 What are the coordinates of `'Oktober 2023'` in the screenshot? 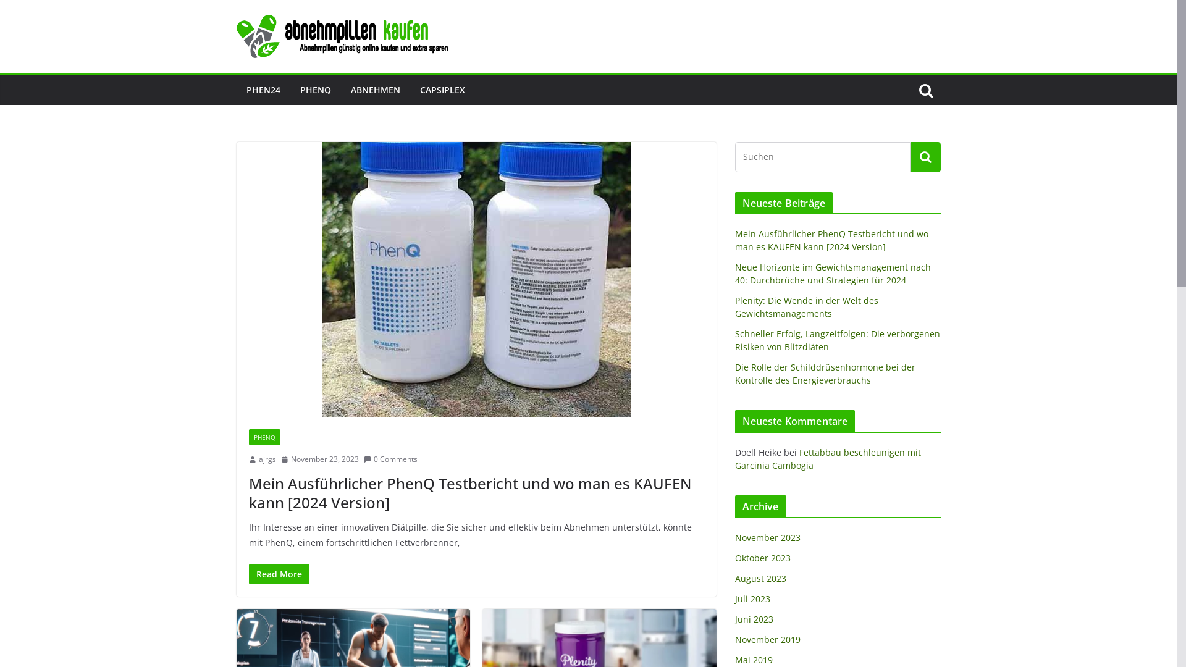 It's located at (735, 558).